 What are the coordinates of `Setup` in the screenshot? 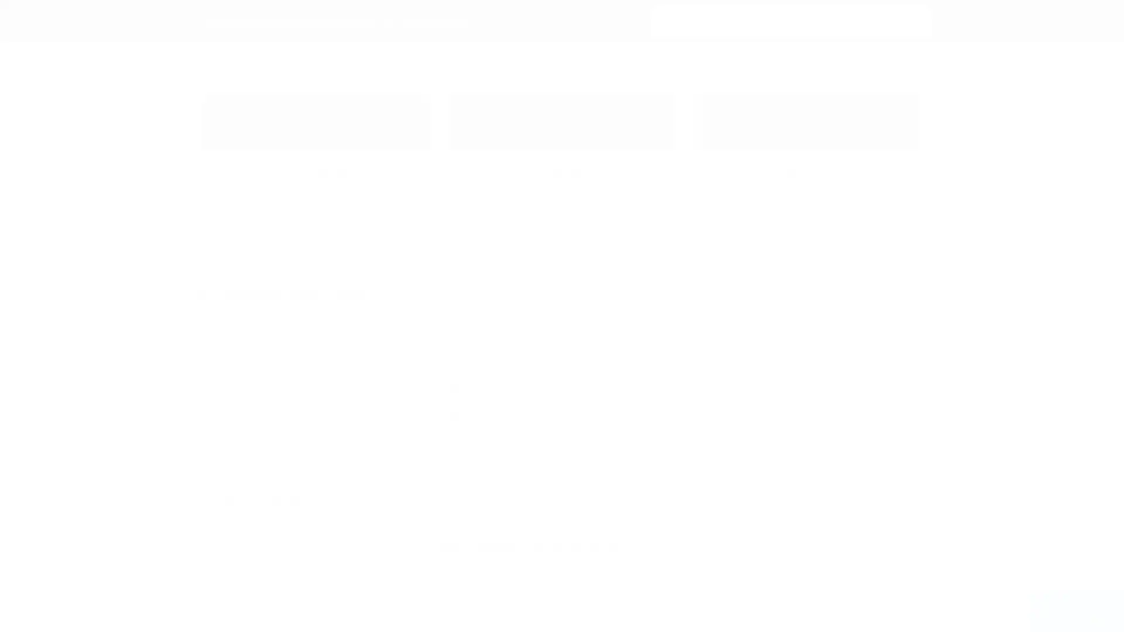 It's located at (292, 359).